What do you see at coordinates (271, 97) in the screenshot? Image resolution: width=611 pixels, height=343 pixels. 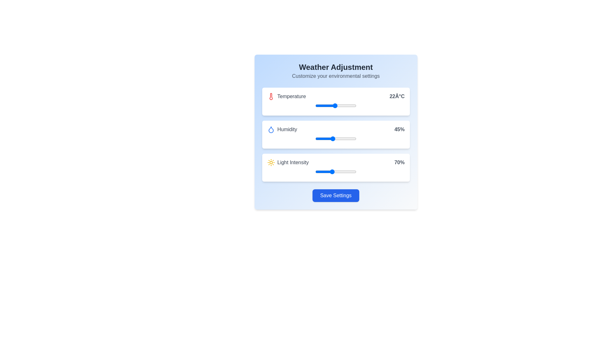 I see `the red thermometer icon located to the left of the 'Temperature' label in the weather adjustment settings row` at bounding box center [271, 97].